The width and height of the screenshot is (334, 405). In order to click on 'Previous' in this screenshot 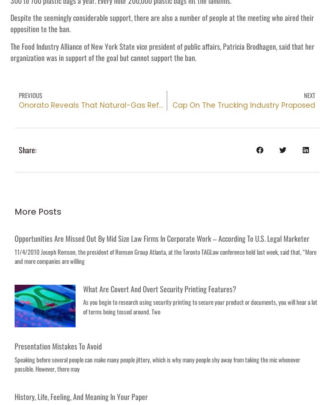, I will do `click(30, 95)`.